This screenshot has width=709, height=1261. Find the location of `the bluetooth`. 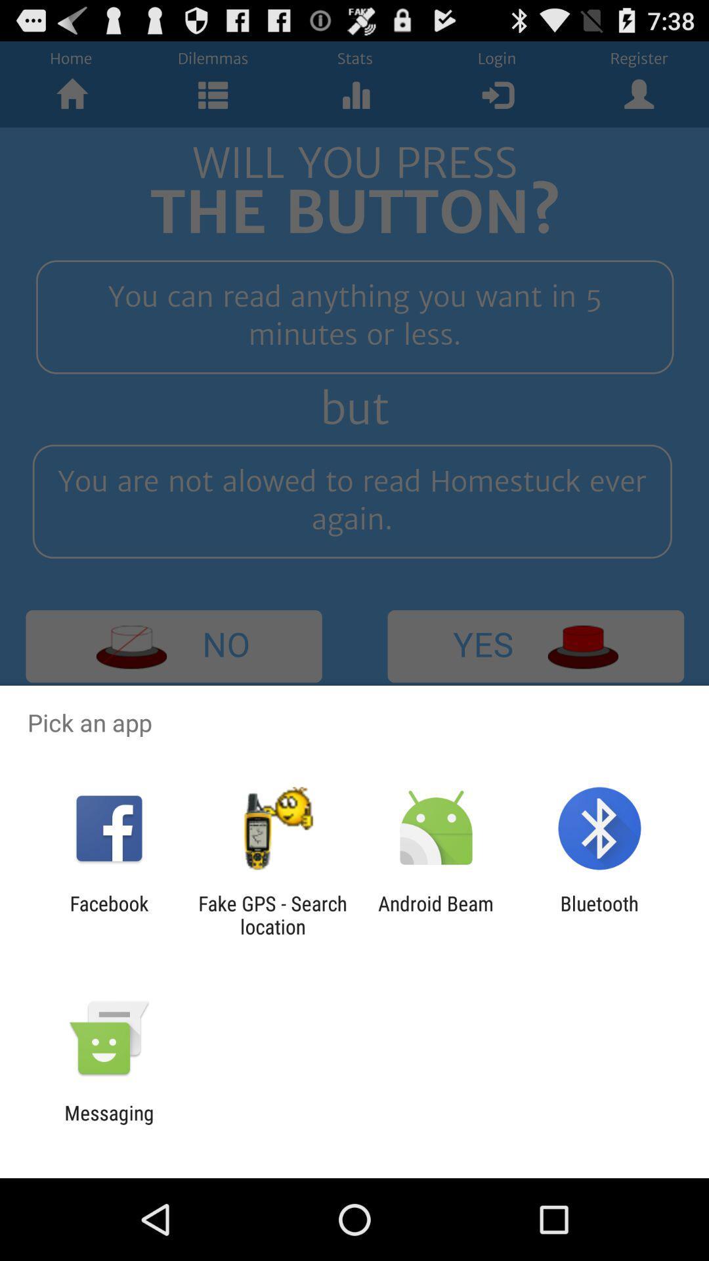

the bluetooth is located at coordinates (599, 914).